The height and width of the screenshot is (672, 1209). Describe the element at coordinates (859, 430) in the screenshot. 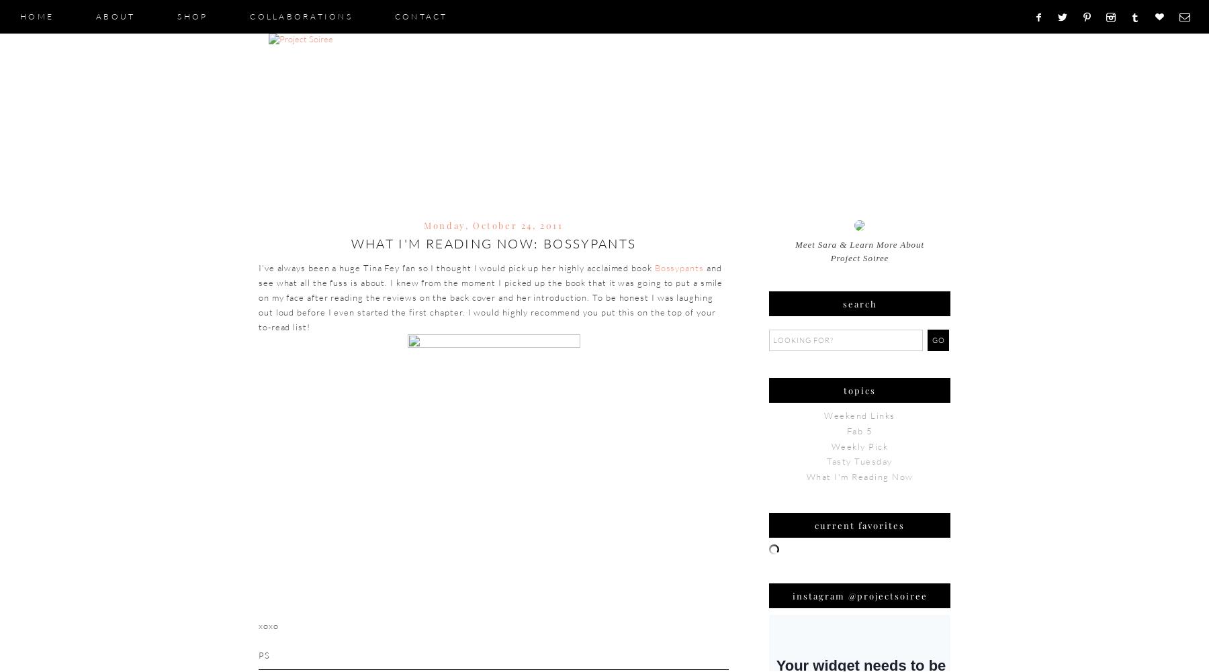

I see `'Fab 5'` at that location.